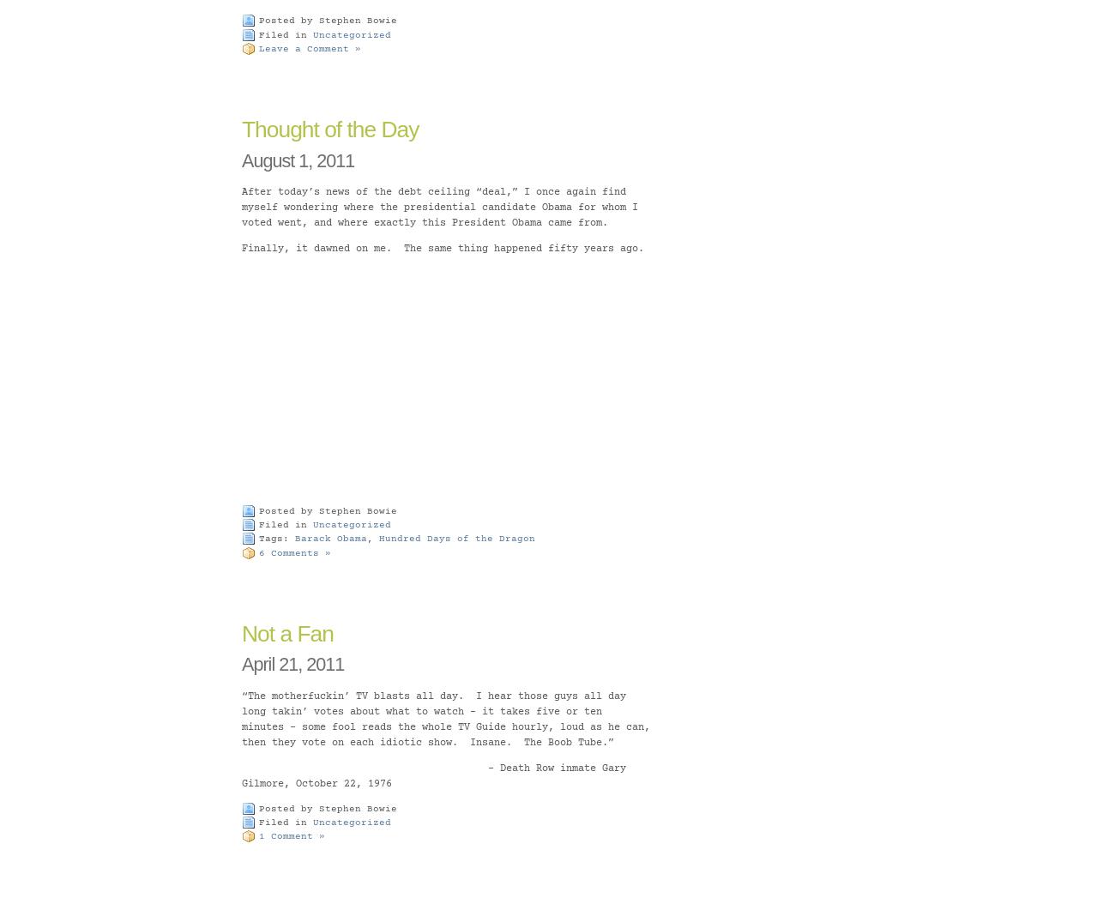 This screenshot has height=904, width=1115. I want to click on 'Tags:', so click(277, 539).